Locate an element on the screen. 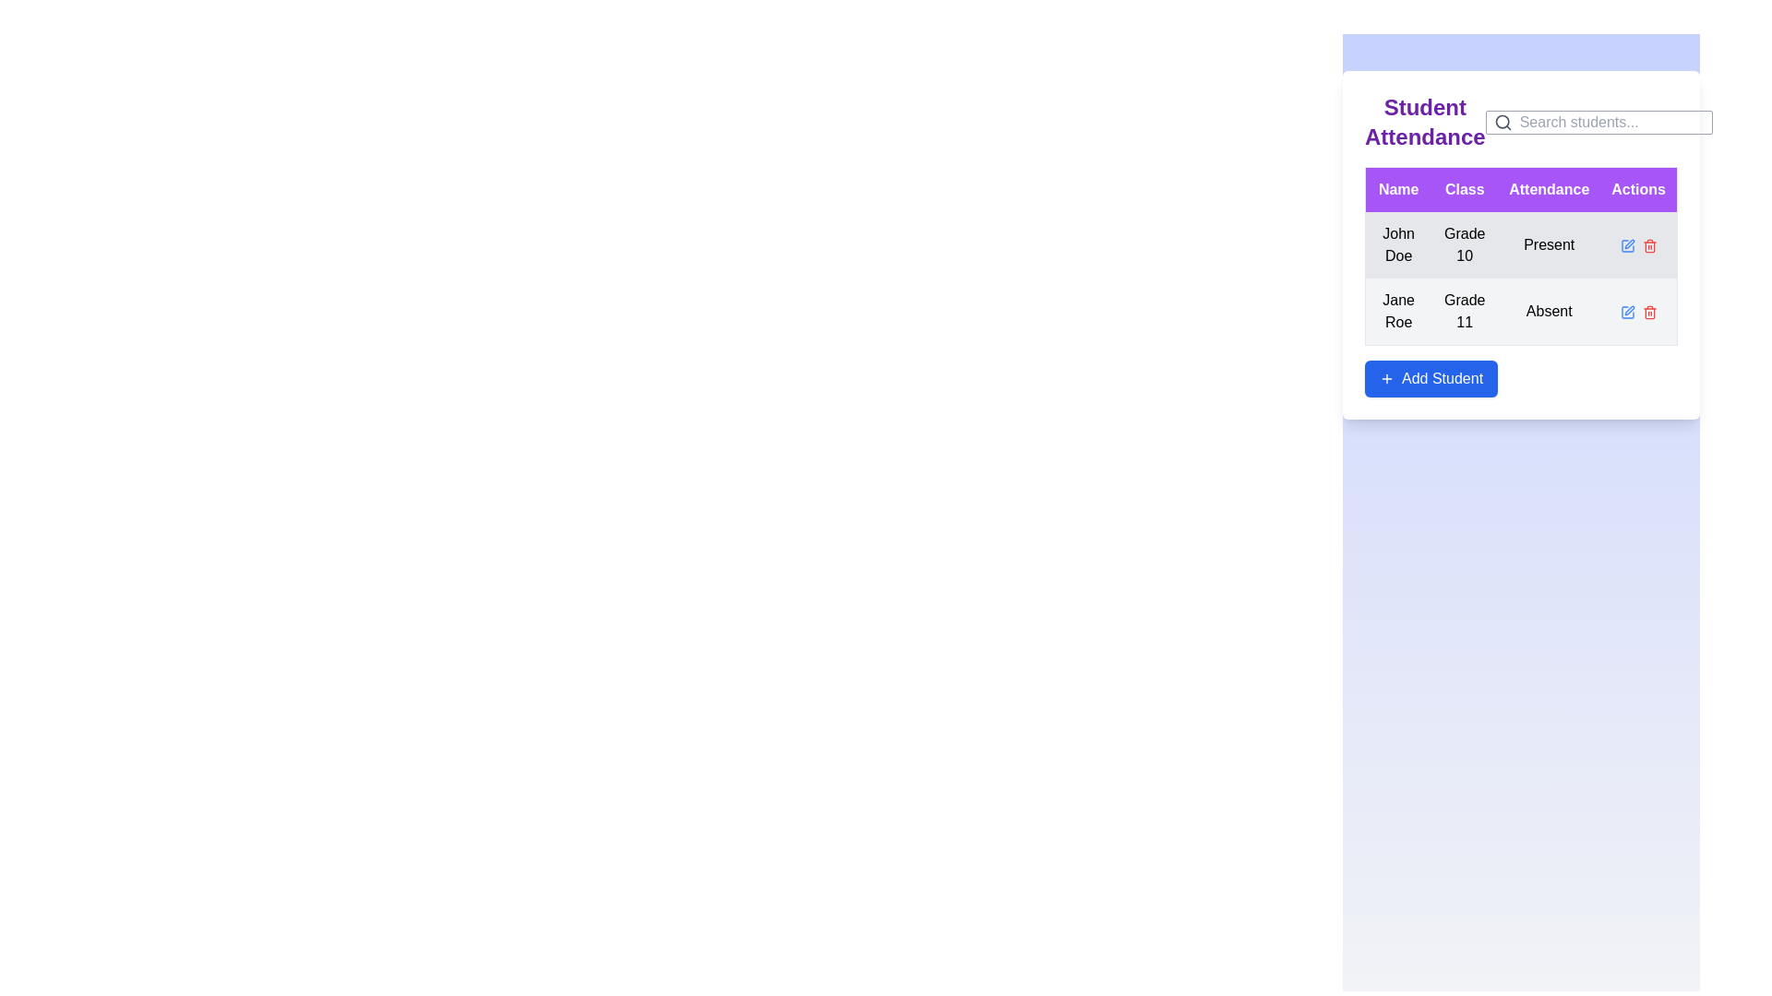 This screenshot has height=996, width=1772. the icon embedded within the 'Add Student' button located at the bottom-left of the card interface is located at coordinates (1386, 378).